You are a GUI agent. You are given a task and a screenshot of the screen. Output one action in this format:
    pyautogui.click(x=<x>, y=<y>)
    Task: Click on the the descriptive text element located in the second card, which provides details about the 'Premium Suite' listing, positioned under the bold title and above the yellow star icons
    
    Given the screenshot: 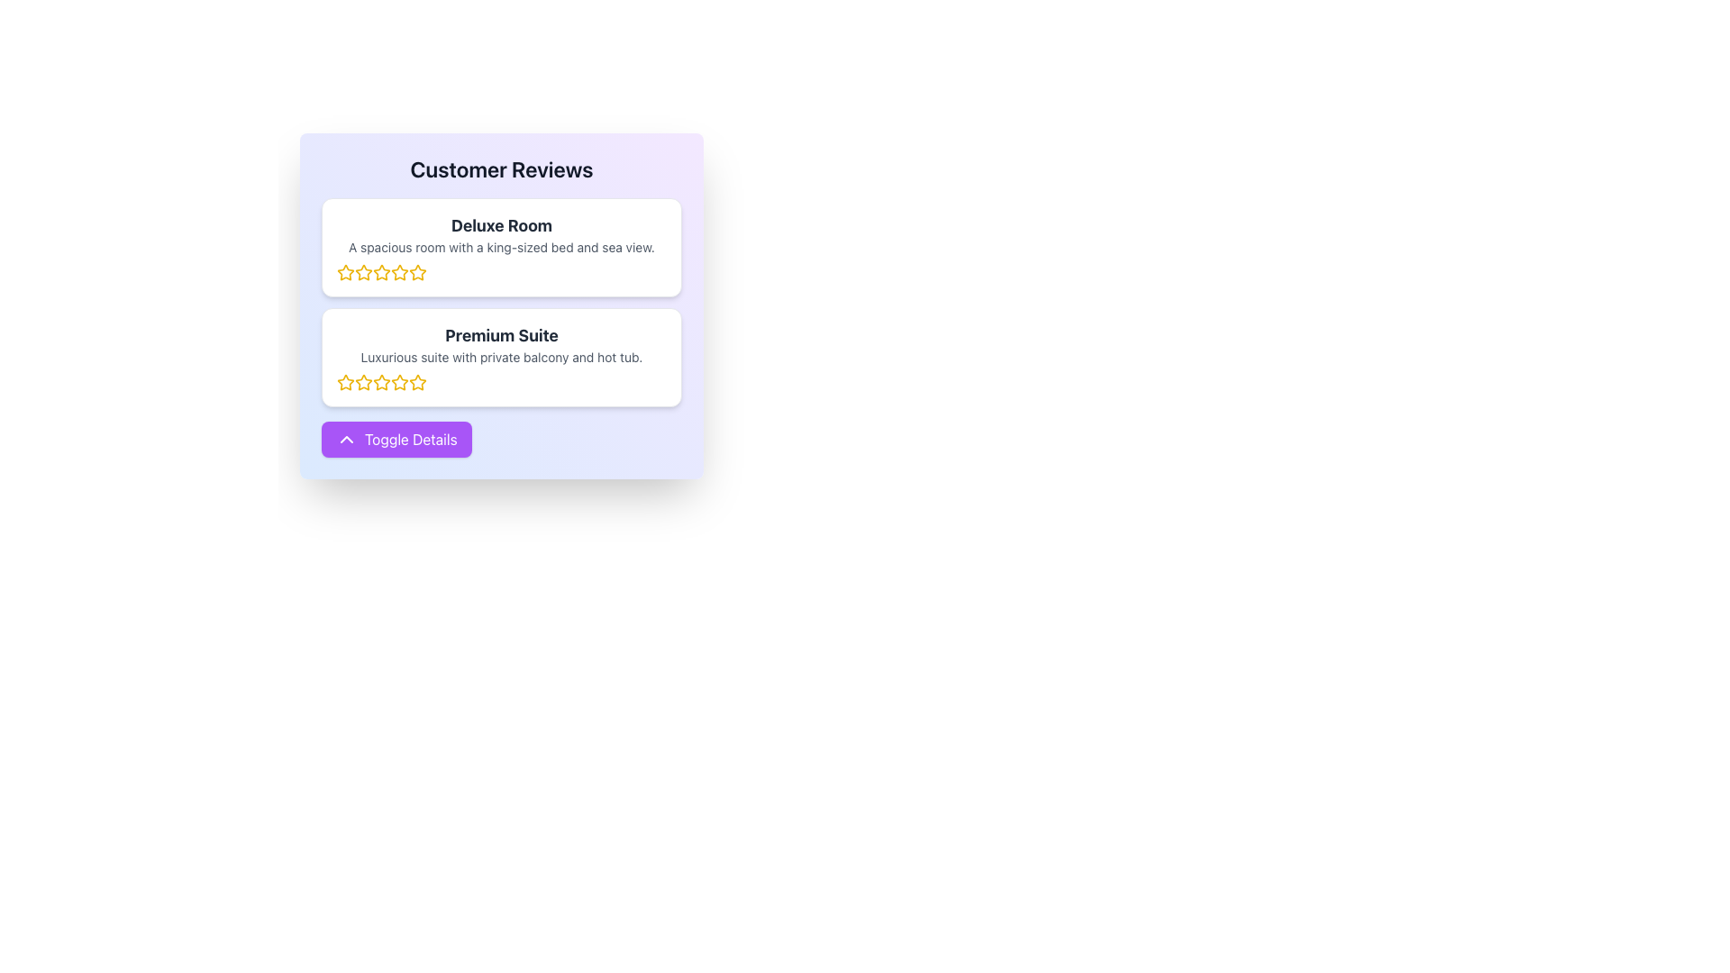 What is the action you would take?
    pyautogui.click(x=501, y=358)
    